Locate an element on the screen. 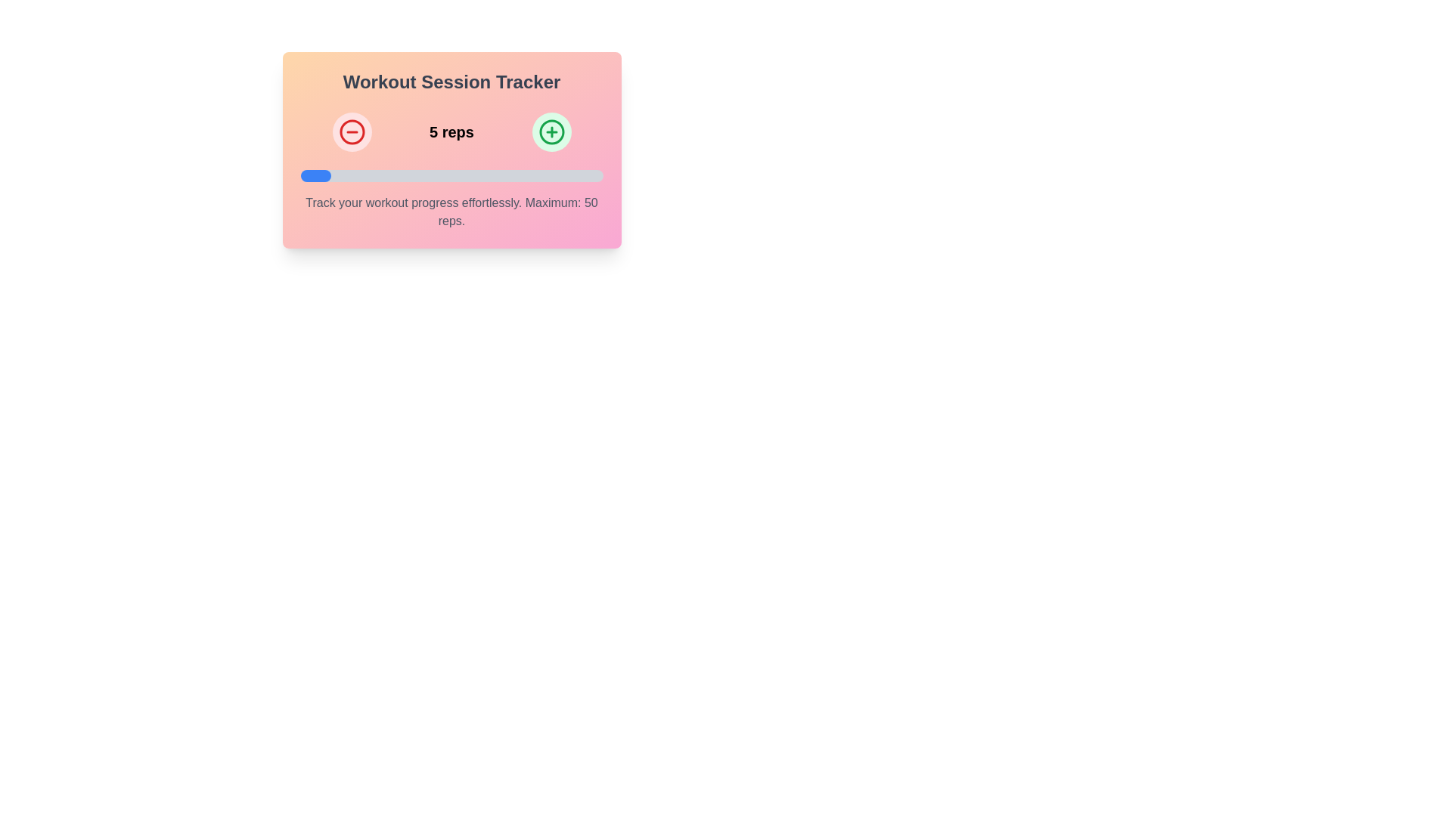  the narrow blue rectangle styled with rounded edges at the beginning of the horizontal progress bar, which indicates progress in the workout tracker is located at coordinates (315, 175).